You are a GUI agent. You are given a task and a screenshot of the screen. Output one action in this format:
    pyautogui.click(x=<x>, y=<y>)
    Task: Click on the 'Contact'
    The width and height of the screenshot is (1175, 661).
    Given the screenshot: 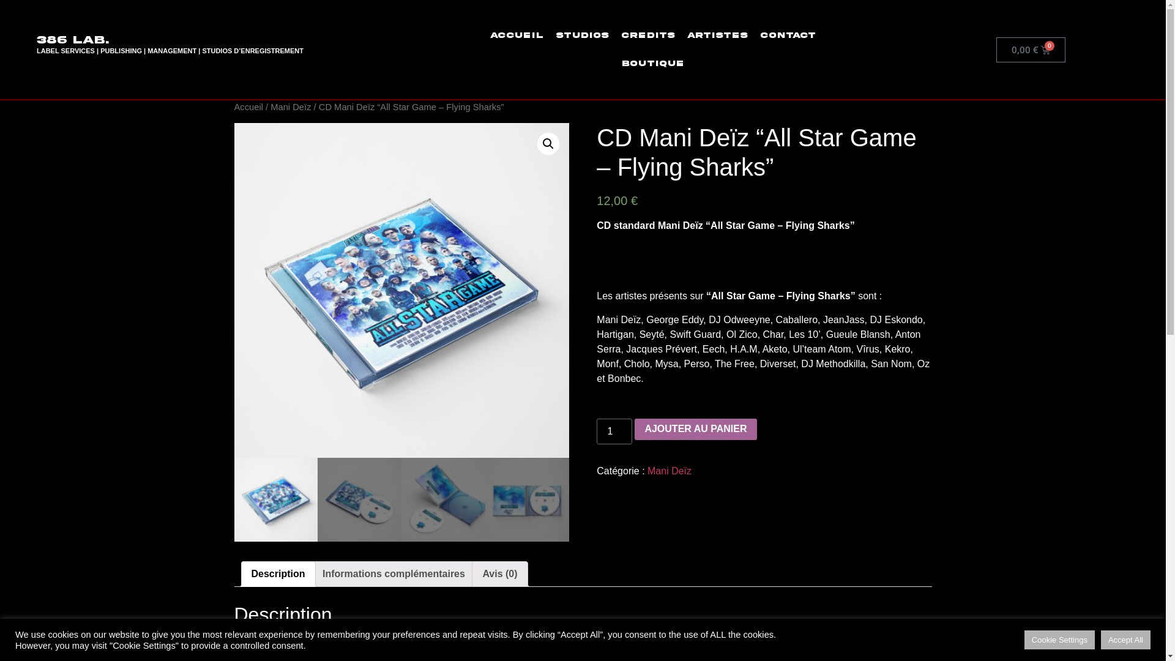 What is the action you would take?
    pyautogui.click(x=788, y=34)
    